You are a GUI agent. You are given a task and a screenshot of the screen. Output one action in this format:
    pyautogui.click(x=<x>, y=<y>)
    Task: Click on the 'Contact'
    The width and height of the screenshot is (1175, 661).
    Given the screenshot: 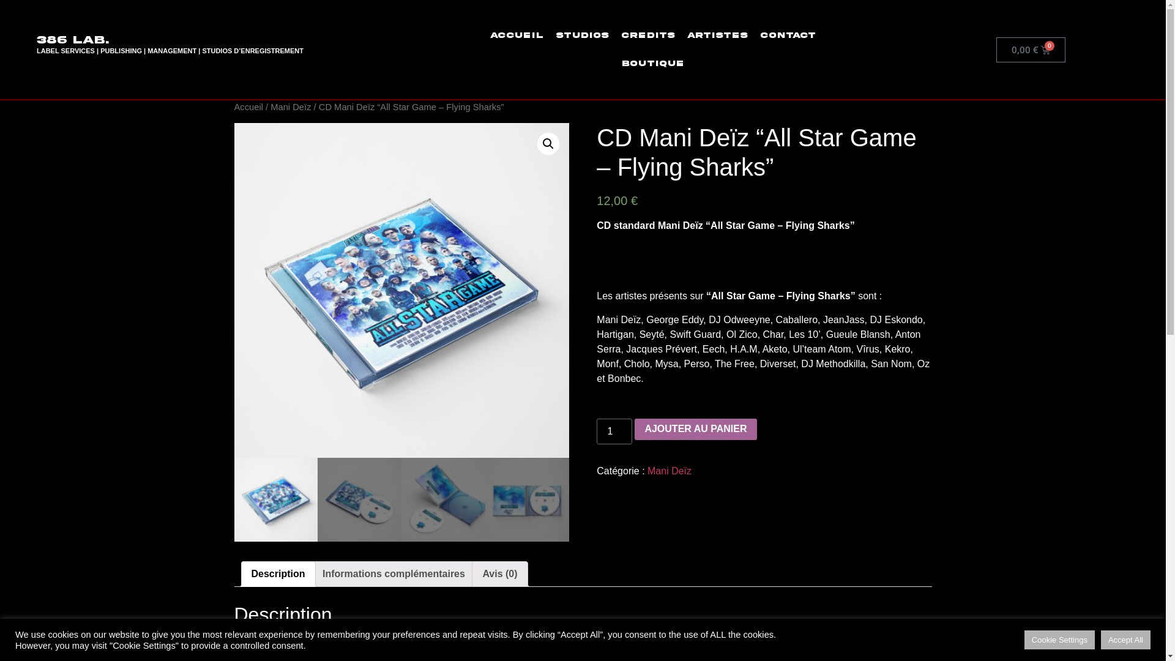 What is the action you would take?
    pyautogui.click(x=788, y=34)
    